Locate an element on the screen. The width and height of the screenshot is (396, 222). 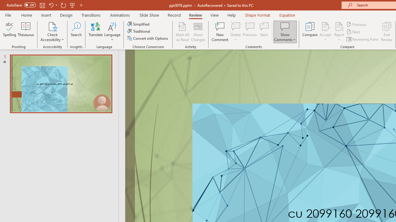
'Language' is located at coordinates (112, 32).